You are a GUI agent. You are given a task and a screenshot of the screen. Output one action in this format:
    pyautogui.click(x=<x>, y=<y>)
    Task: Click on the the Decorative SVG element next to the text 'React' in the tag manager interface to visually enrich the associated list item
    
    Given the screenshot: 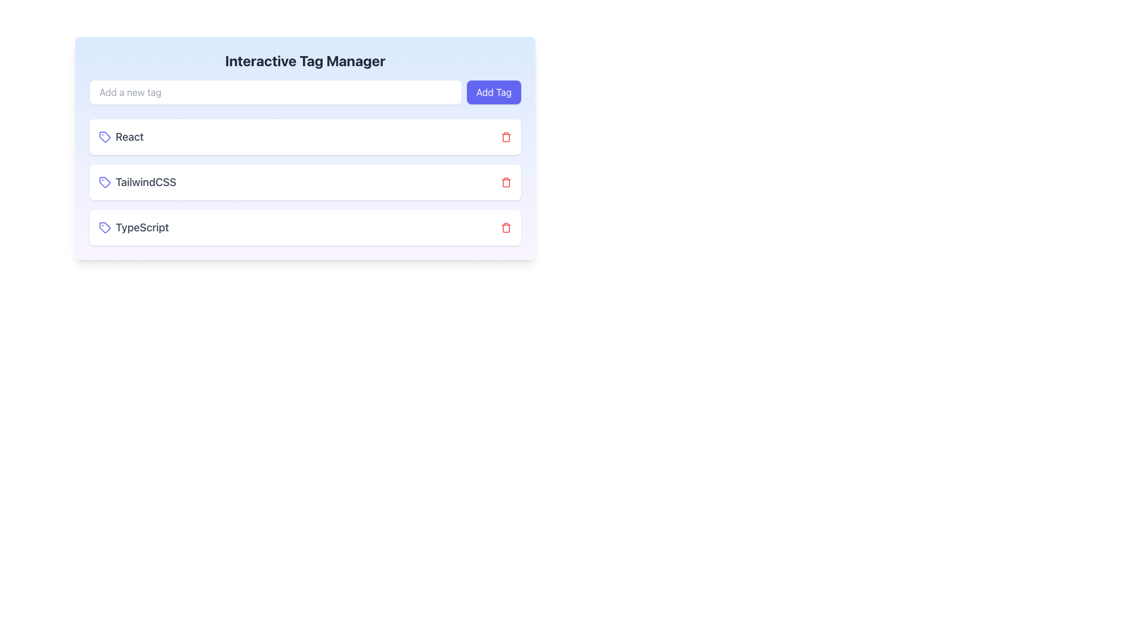 What is the action you would take?
    pyautogui.click(x=105, y=137)
    